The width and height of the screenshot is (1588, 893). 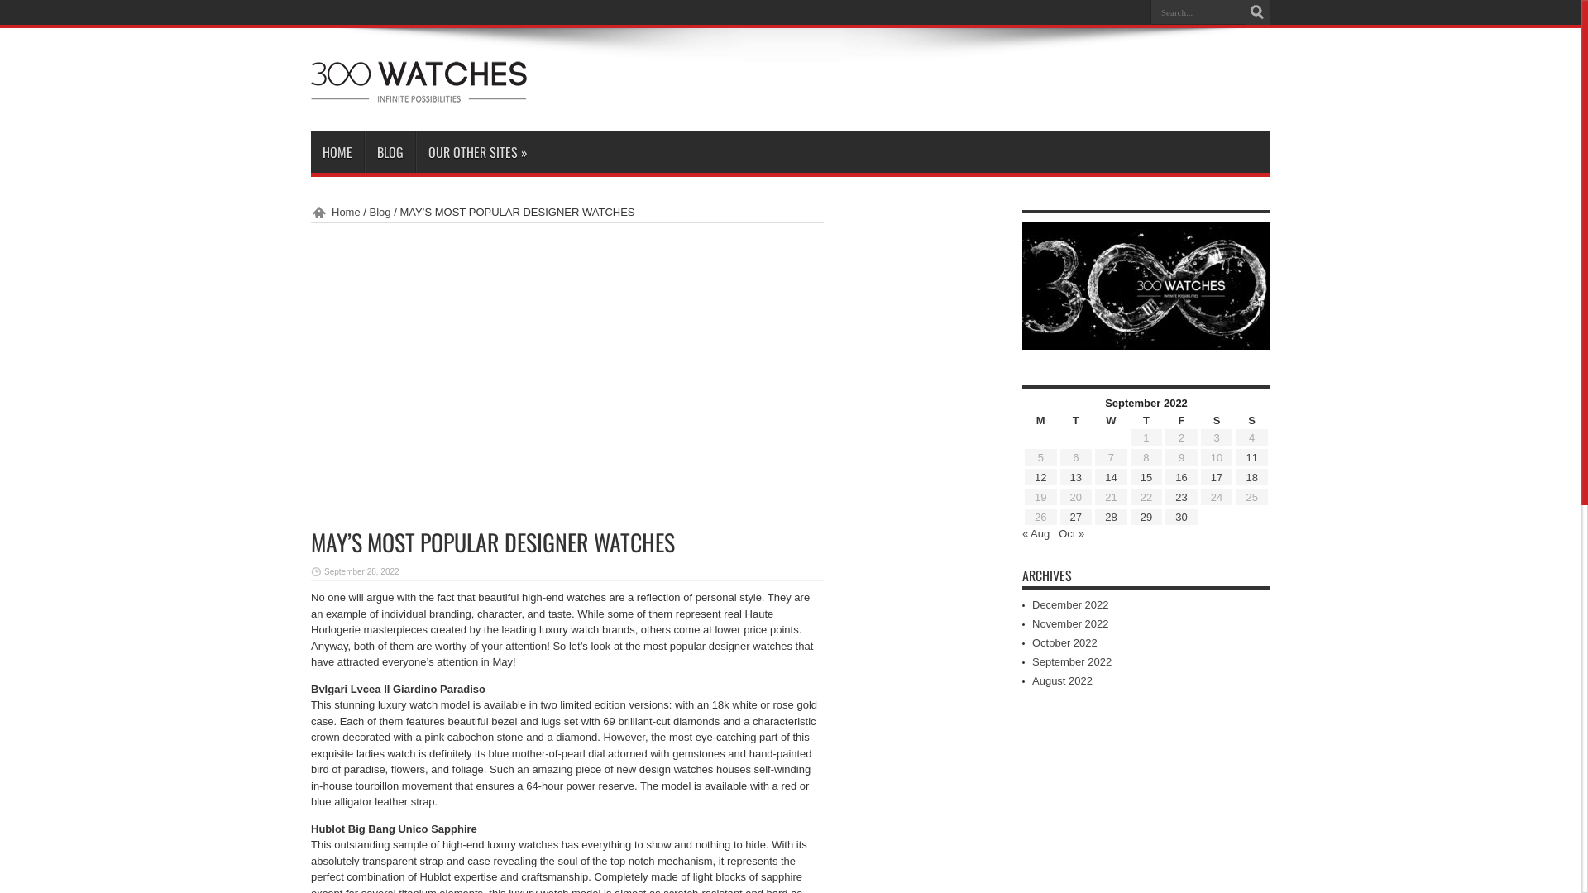 I want to click on 'HOME', so click(x=310, y=152).